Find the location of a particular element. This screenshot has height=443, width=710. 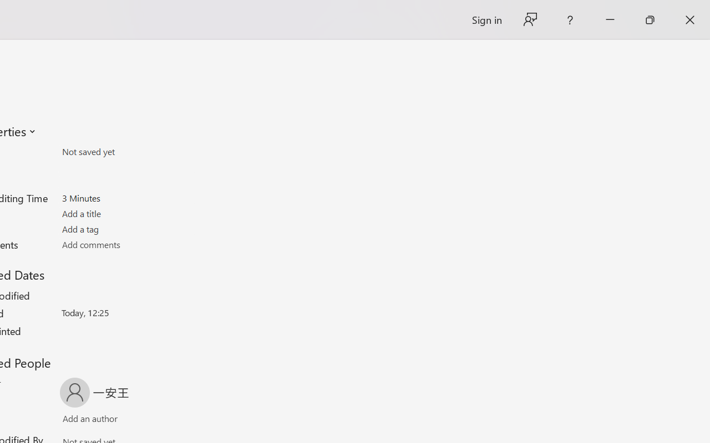

'Add an author' is located at coordinates (78, 421).